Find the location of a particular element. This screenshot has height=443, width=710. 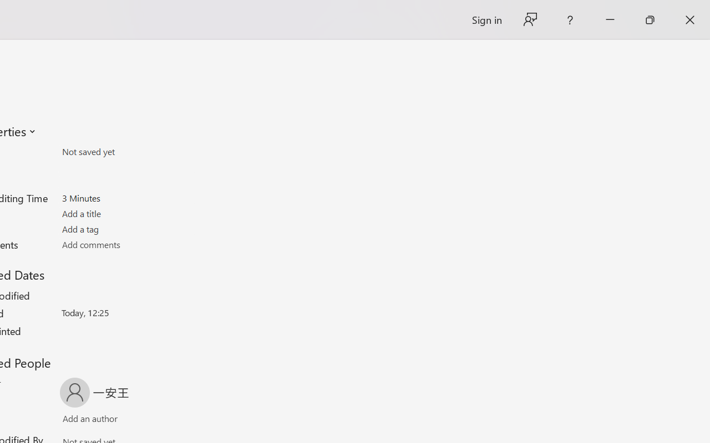

'Add an author' is located at coordinates (78, 421).